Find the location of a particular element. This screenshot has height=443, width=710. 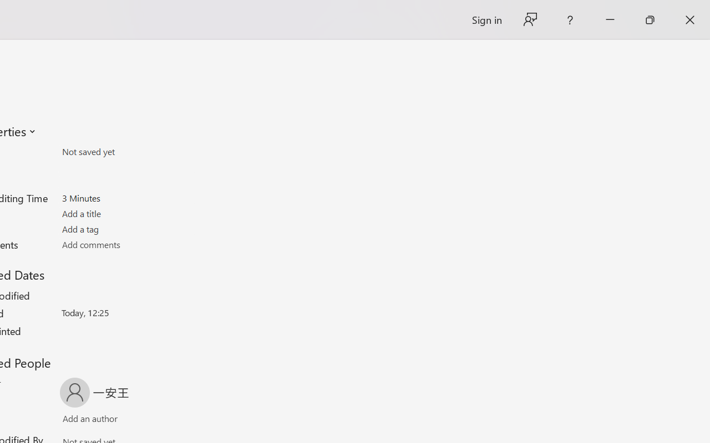

'Add an author' is located at coordinates (78, 421).